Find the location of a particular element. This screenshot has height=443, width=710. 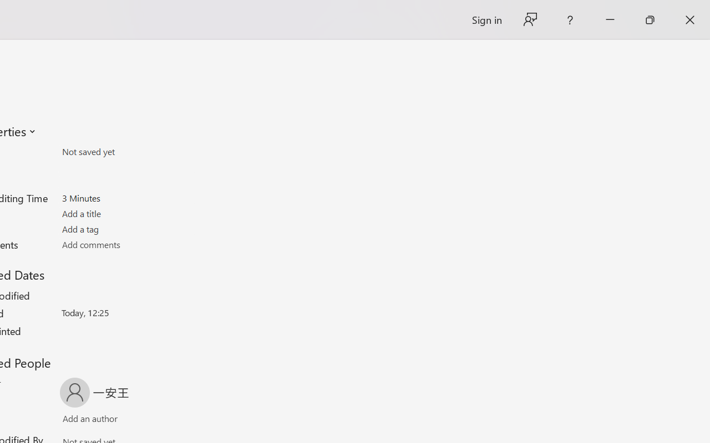

'Add an author' is located at coordinates (78, 421).